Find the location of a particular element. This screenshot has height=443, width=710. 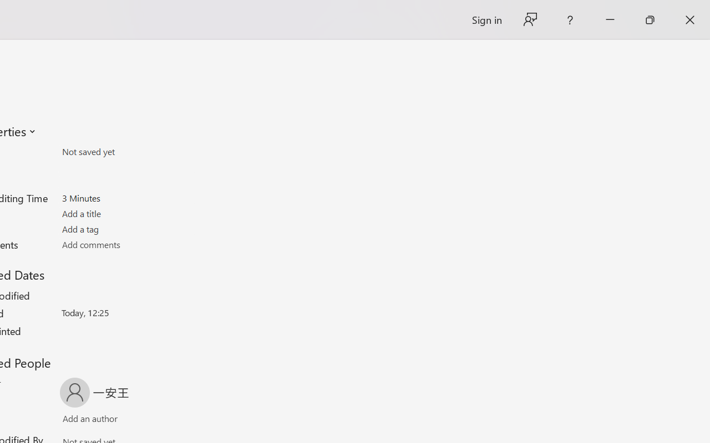

'Add an author' is located at coordinates (78, 421).